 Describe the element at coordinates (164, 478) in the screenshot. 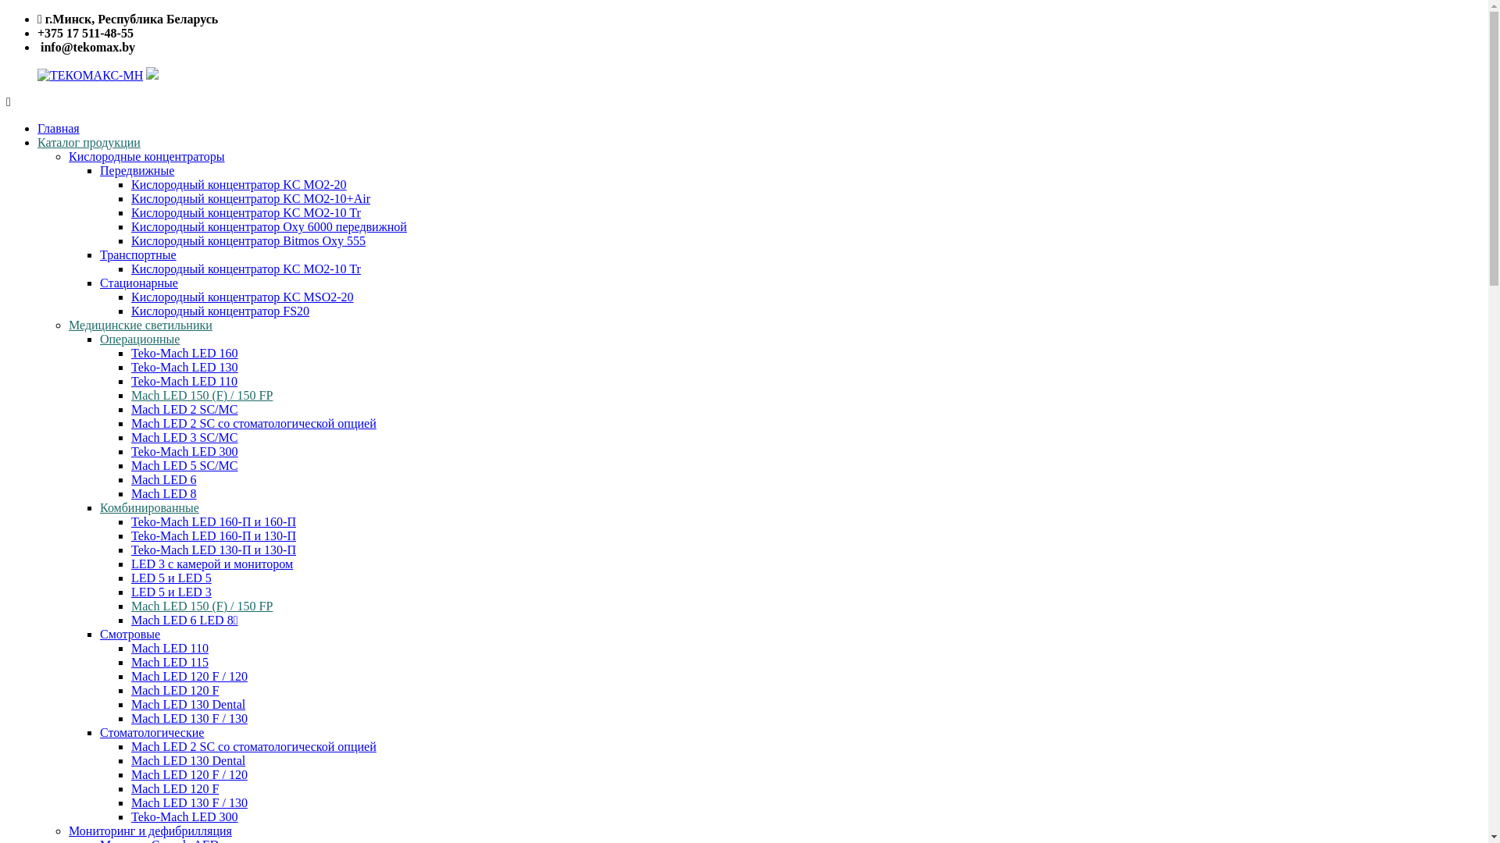

I see `'Mach LED 6'` at that location.